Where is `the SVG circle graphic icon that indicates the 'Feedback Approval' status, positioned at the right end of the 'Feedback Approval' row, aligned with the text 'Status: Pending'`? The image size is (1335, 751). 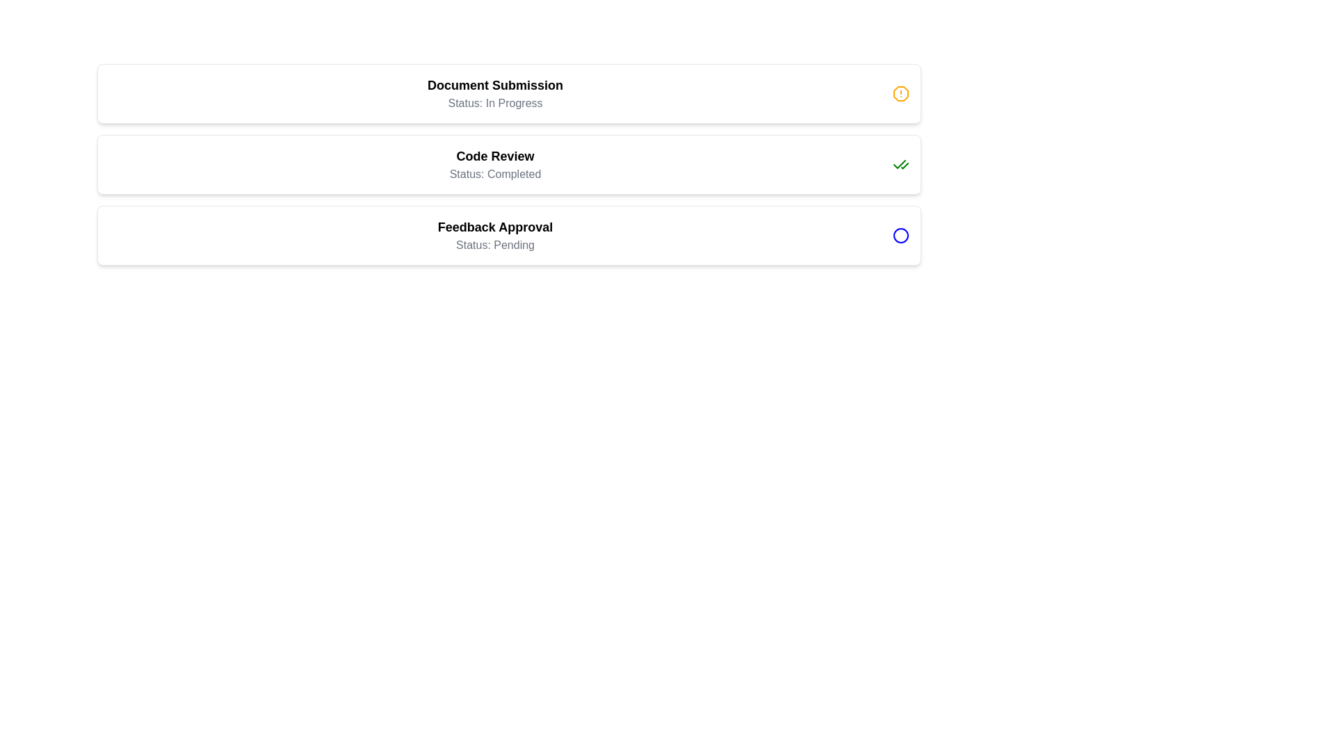 the SVG circle graphic icon that indicates the 'Feedback Approval' status, positioned at the right end of the 'Feedback Approval' row, aligned with the text 'Status: Pending' is located at coordinates (901, 235).